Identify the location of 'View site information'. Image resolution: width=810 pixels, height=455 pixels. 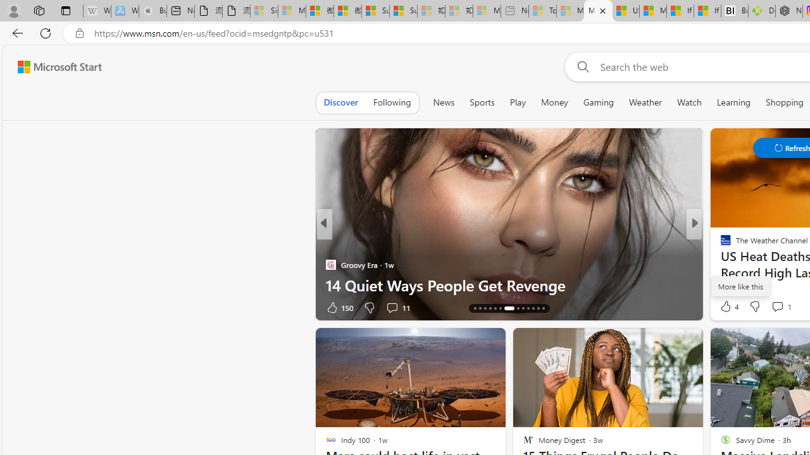
(79, 33).